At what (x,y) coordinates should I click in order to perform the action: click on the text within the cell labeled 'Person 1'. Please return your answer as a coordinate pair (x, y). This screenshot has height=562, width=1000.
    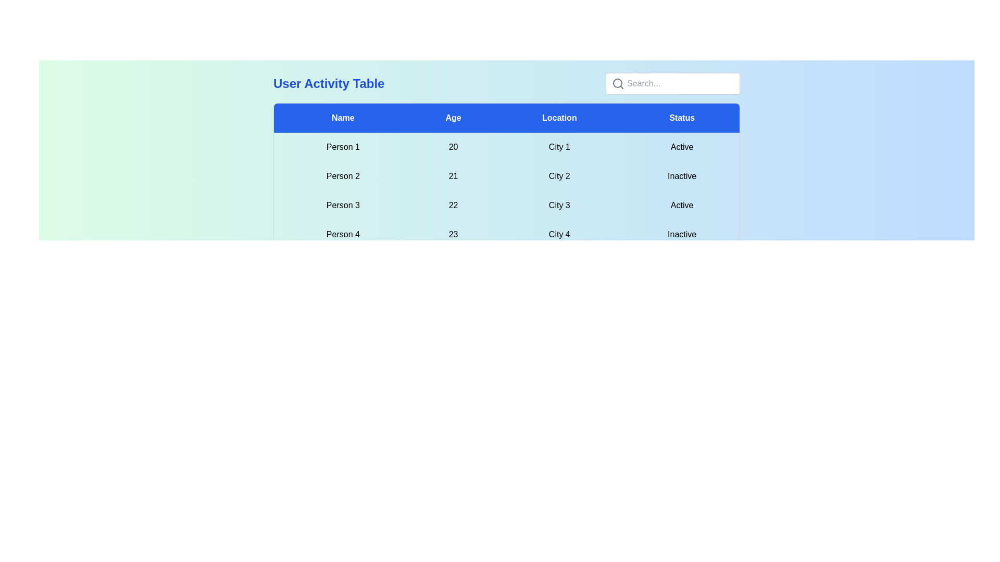
    Looking at the image, I should click on (342, 147).